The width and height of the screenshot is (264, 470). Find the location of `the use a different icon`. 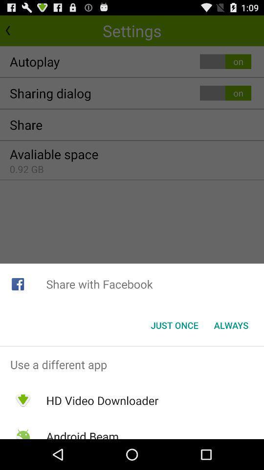

the use a different icon is located at coordinates (132, 364).